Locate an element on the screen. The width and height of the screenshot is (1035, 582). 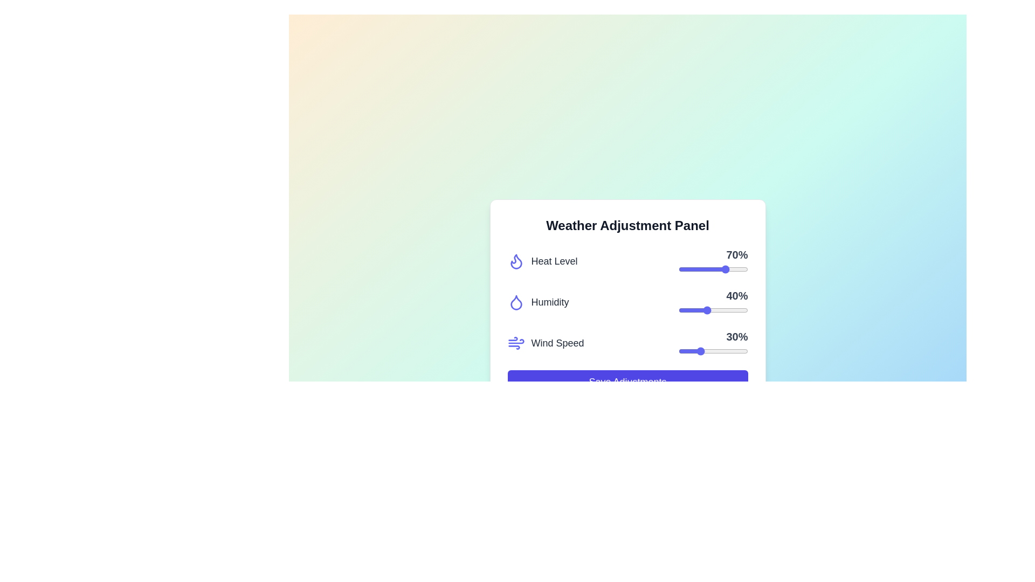
'Save Adjustments' button to save the current settings is located at coordinates (627, 382).